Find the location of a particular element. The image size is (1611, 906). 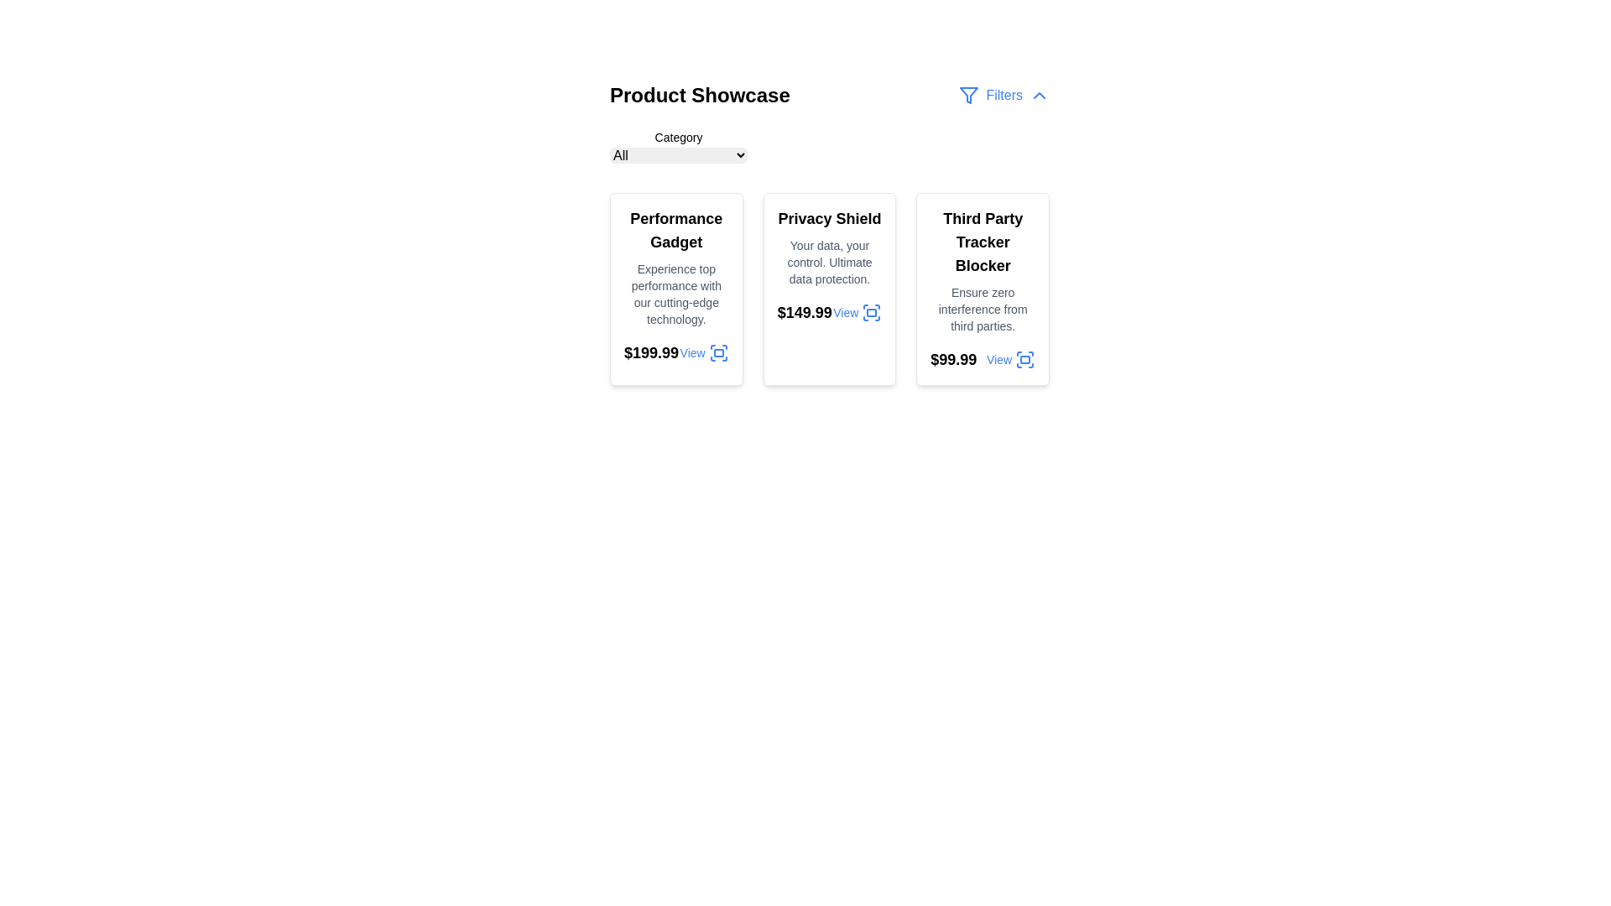

the downward-pointing chevron icon located to the right of the 'Filters' text is located at coordinates (1038, 96).